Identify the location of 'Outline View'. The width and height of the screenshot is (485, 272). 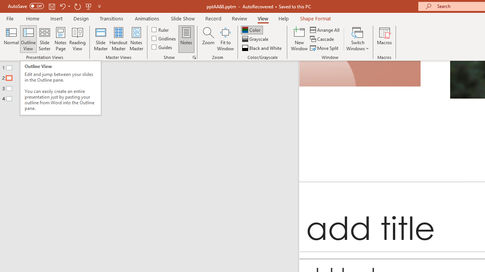
(28, 39).